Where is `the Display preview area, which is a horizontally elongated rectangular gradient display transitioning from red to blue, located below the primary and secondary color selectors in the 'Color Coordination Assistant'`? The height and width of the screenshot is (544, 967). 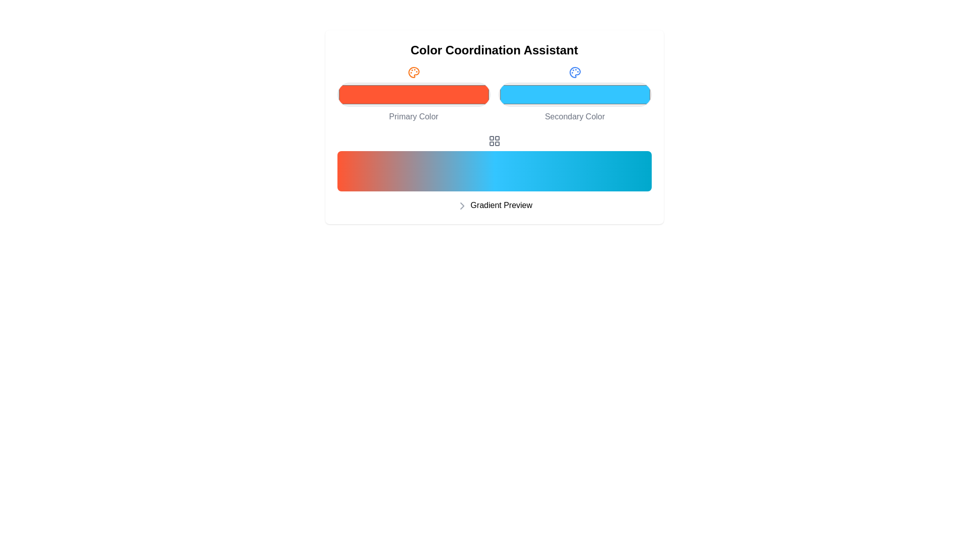
the Display preview area, which is a horizontally elongated rectangular gradient display transitioning from red to blue, located below the primary and secondary color selectors in the 'Color Coordination Assistant' is located at coordinates (494, 173).